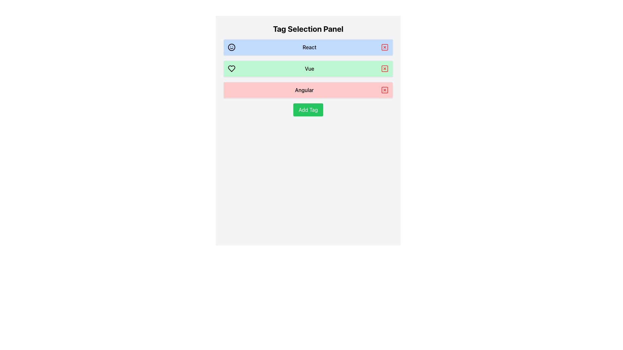 The height and width of the screenshot is (350, 623). What do you see at coordinates (309, 47) in the screenshot?
I see `the 'React' text label in the tag selection interface, which is the first tag in the vertical list within the blue rectangular section of the Tag Selection Panel` at bounding box center [309, 47].